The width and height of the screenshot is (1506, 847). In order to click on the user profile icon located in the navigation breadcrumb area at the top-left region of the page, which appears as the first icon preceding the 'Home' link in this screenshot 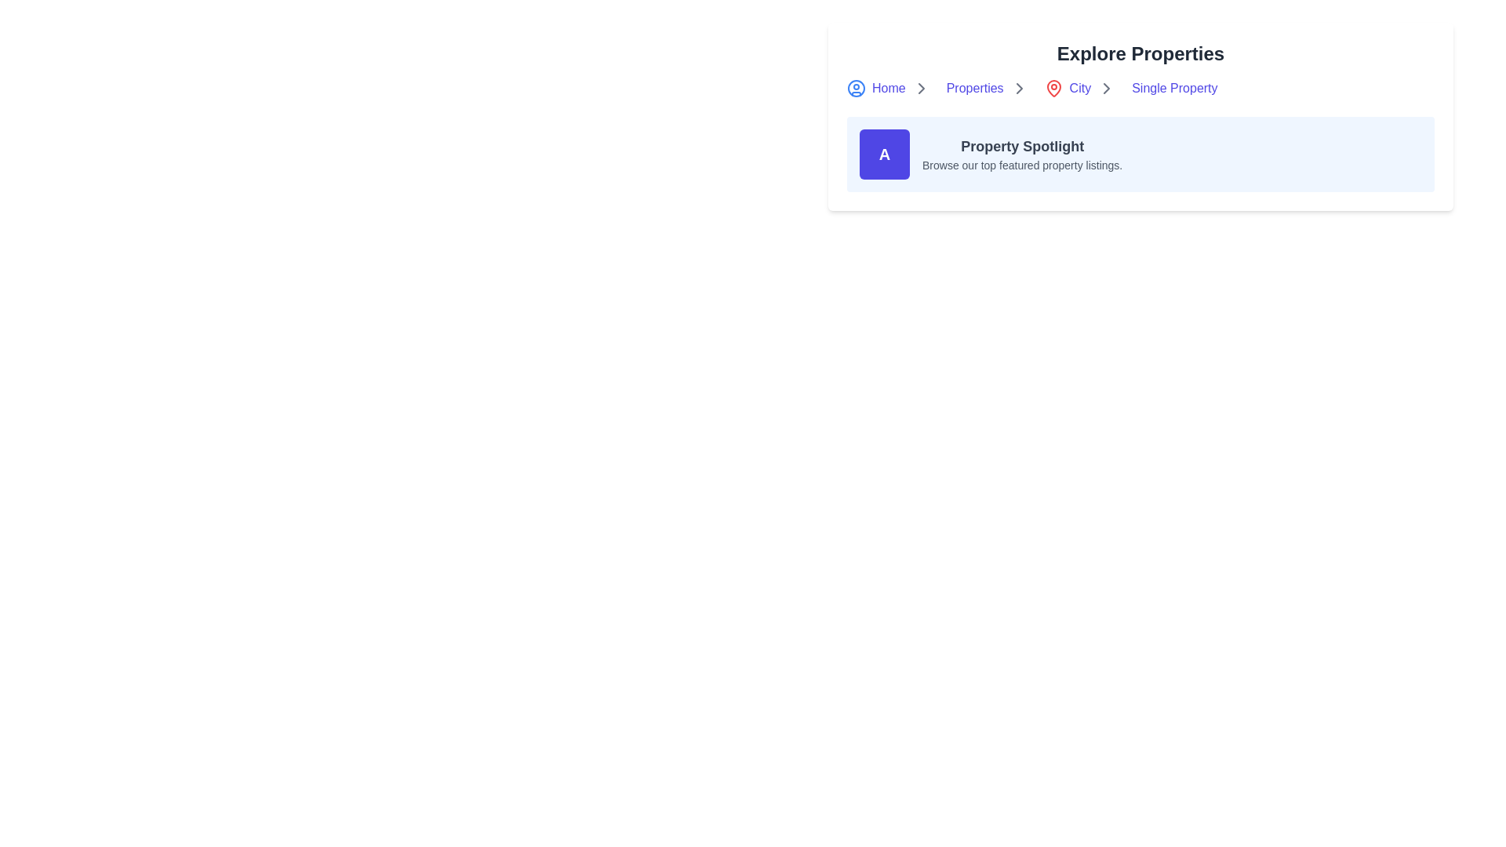, I will do `click(855, 88)`.